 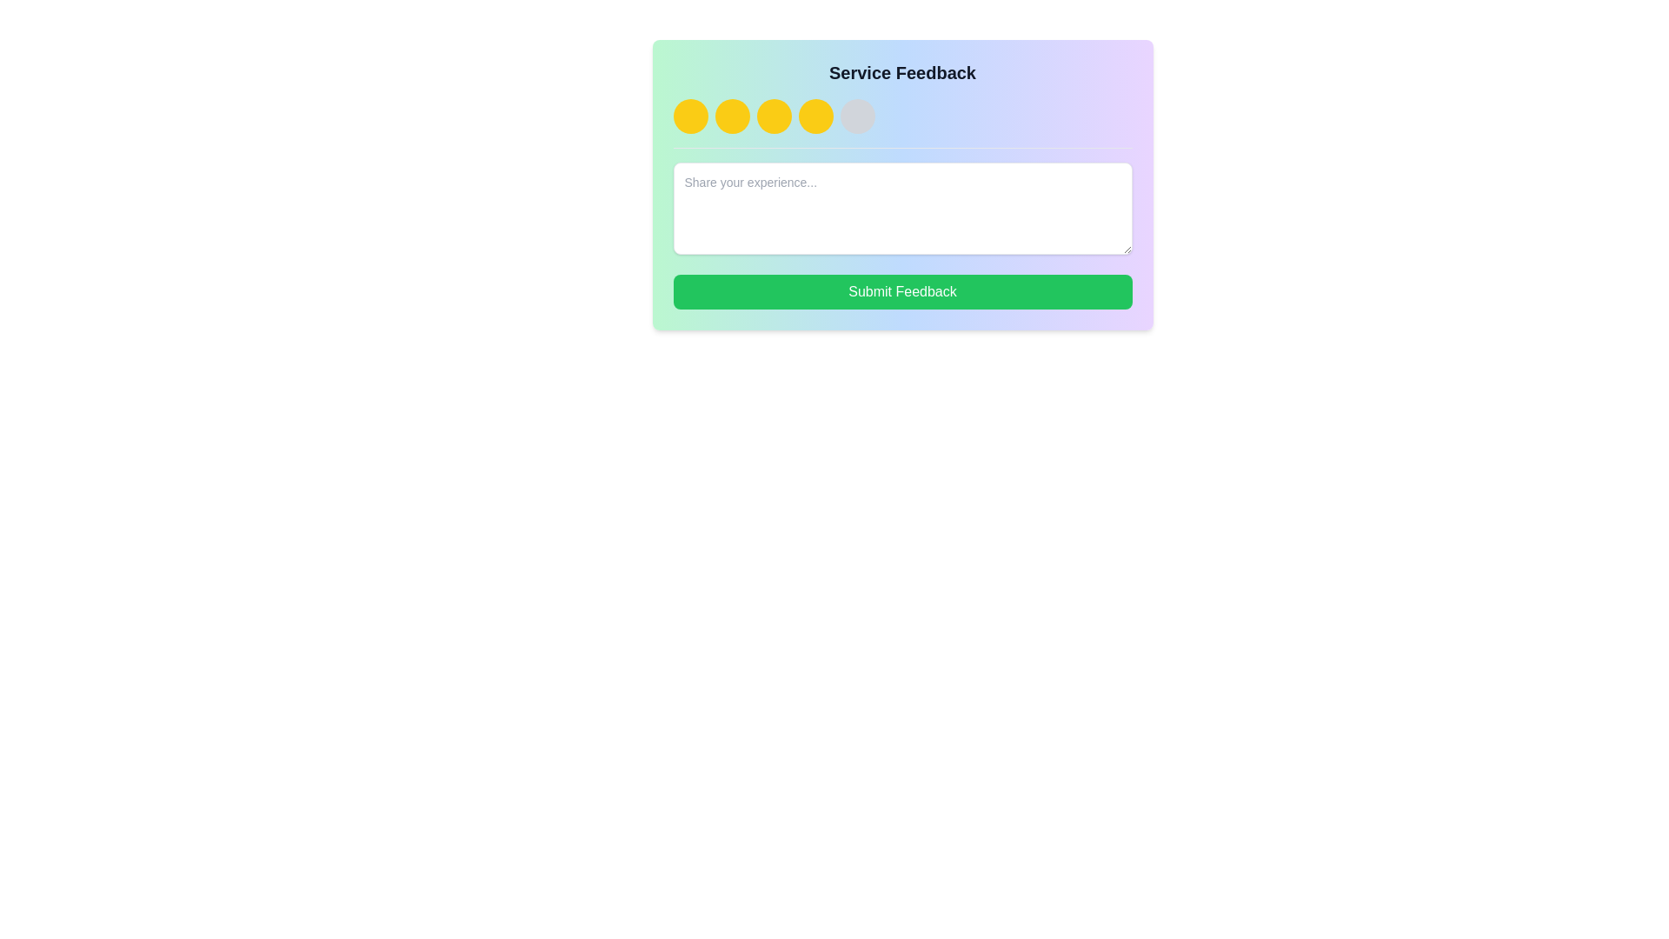 What do you see at coordinates (902, 290) in the screenshot?
I see `the 'Submit Feedback' button, which is a bright green rectangular button with rounded corners located below the text input area` at bounding box center [902, 290].